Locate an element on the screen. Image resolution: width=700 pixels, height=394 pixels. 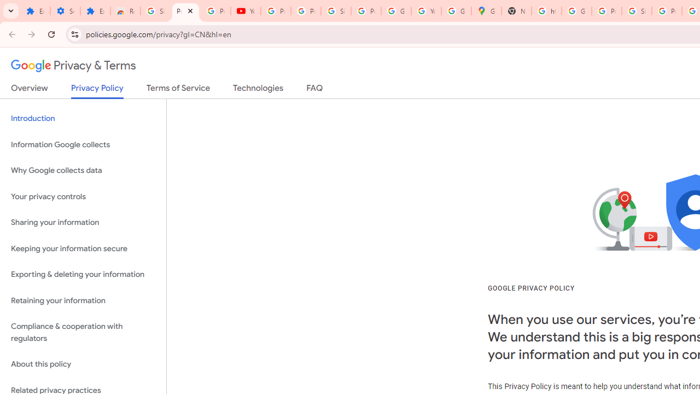
'Reviews: Helix Fruit Jump Arcade Game' is located at coordinates (125, 11).